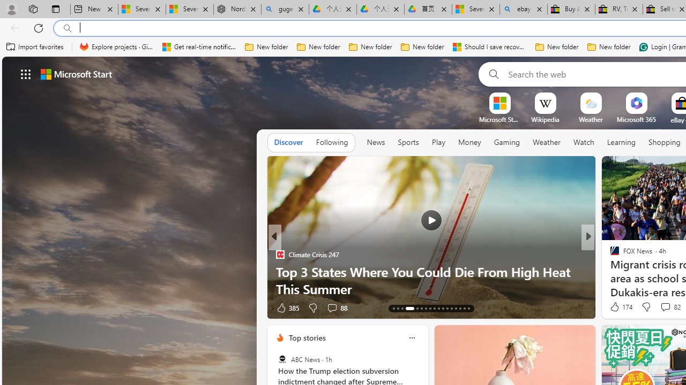 The width and height of the screenshot is (686, 385). What do you see at coordinates (661, 307) in the screenshot?
I see `'View comments 2 Comment'` at bounding box center [661, 307].